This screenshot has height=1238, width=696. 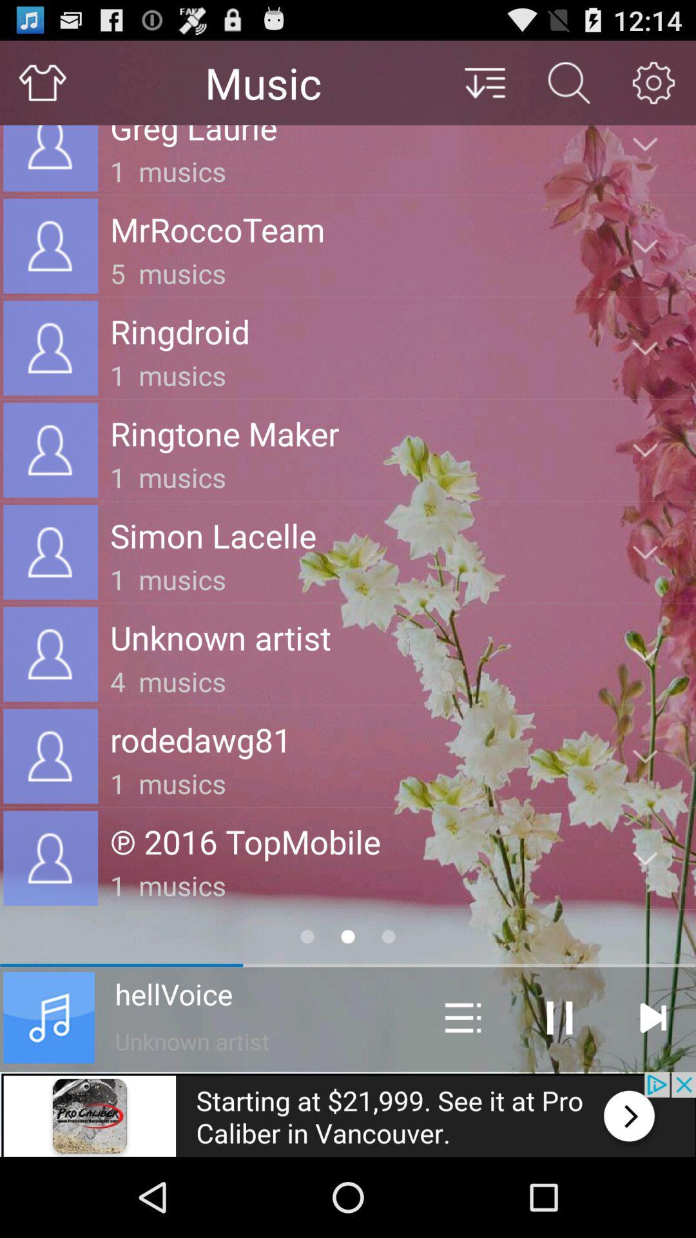 I want to click on the settings icon, so click(x=653, y=88).